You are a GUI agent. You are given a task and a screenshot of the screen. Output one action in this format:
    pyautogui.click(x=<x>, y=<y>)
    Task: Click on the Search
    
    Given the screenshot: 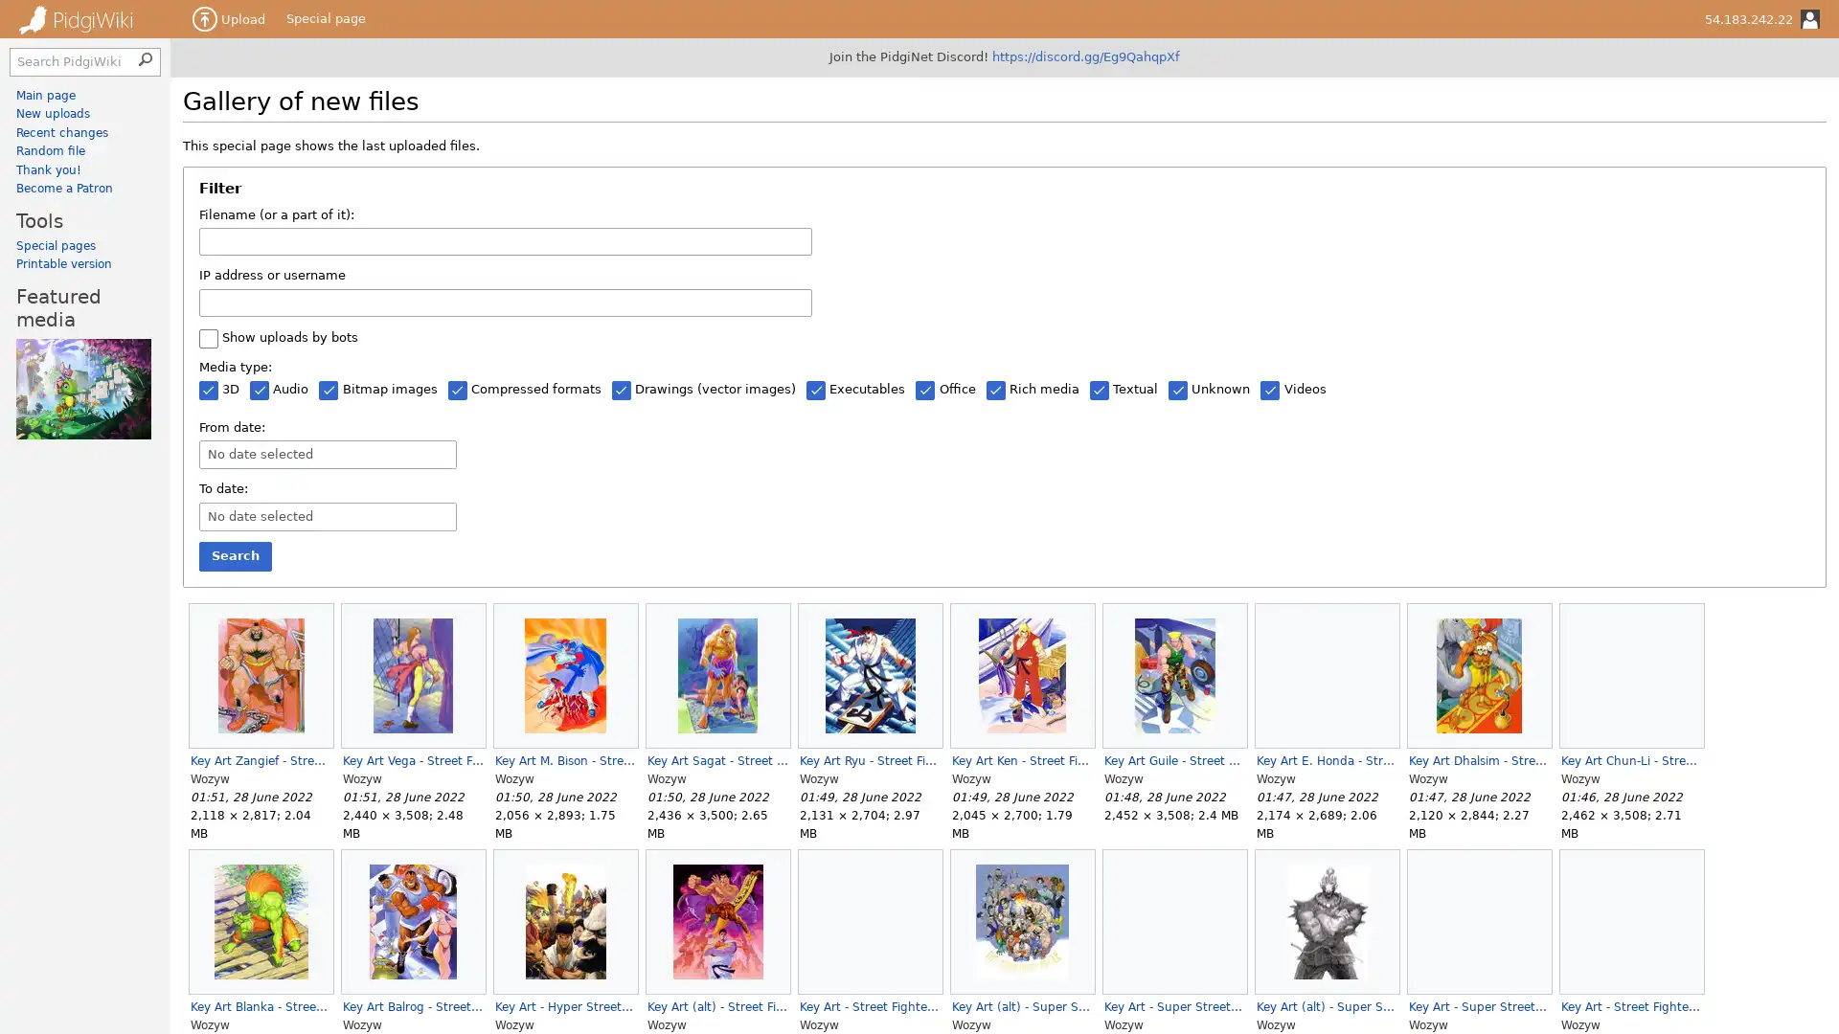 What is the action you would take?
    pyautogui.click(x=233, y=556)
    